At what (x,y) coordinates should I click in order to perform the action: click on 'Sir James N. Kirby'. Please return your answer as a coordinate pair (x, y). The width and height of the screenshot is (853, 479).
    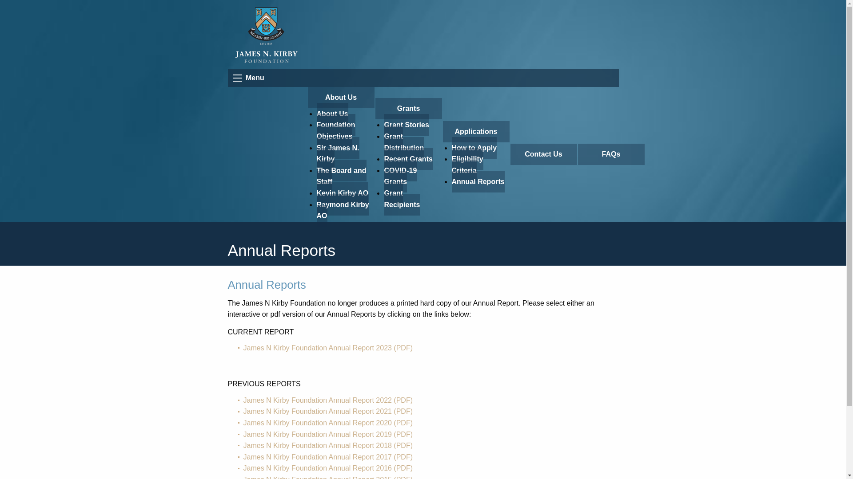
    Looking at the image, I should click on (337, 153).